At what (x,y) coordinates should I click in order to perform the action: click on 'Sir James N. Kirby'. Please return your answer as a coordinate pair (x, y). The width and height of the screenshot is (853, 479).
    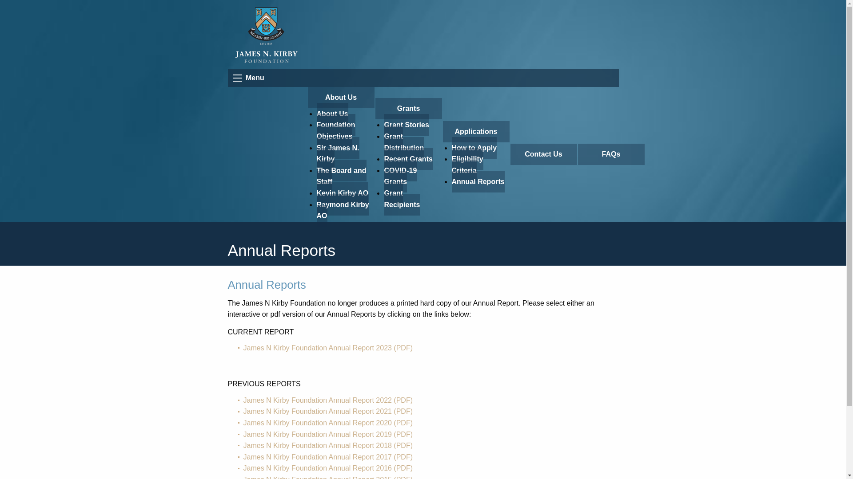
    Looking at the image, I should click on (337, 153).